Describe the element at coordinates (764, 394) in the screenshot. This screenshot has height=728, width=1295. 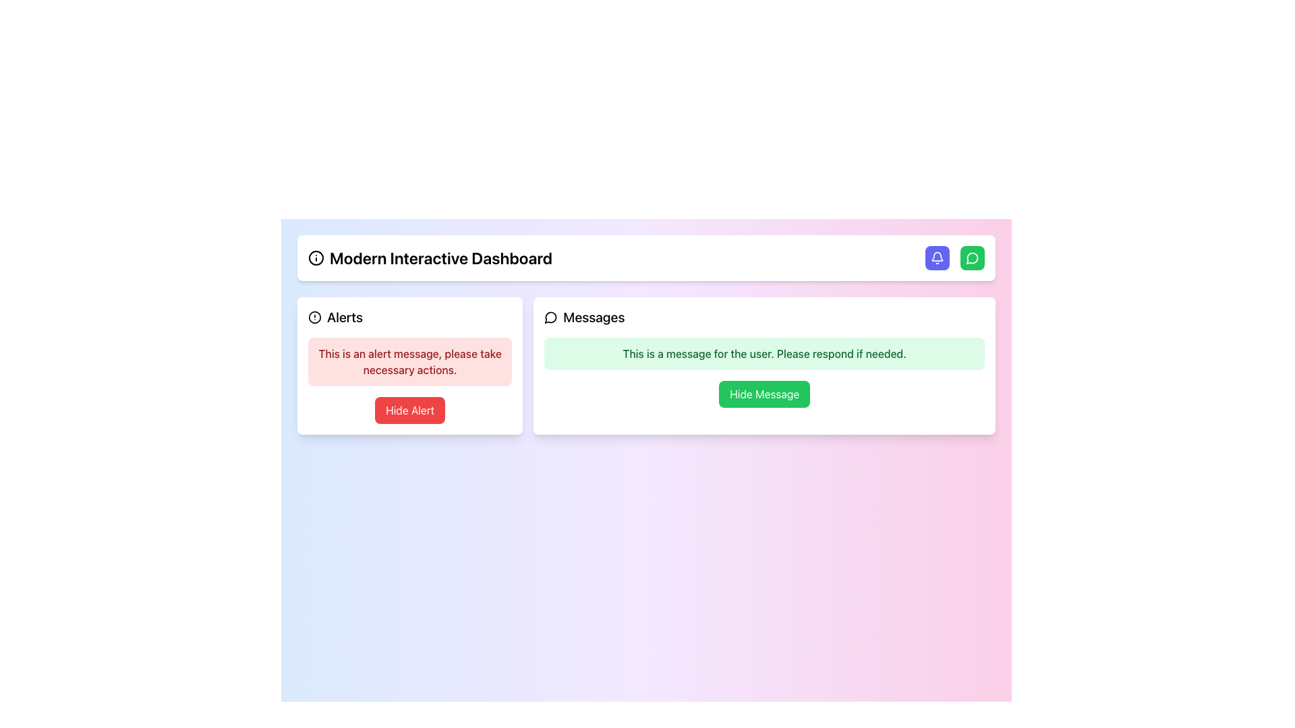
I see `the green button labeled 'Hide Message' located under the 'Messages' section to observe the hover effect` at that location.